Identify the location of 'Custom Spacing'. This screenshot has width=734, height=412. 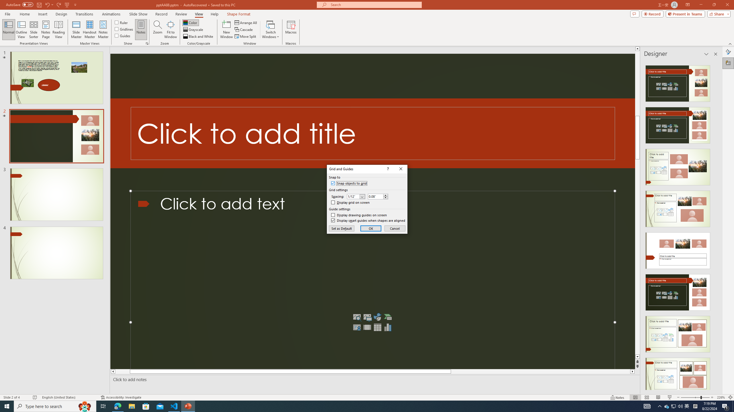
(378, 196).